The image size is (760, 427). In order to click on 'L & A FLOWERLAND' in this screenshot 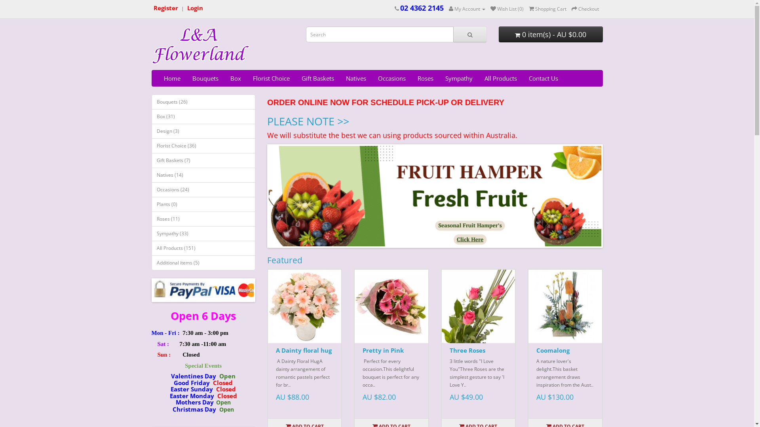, I will do `click(201, 46)`.